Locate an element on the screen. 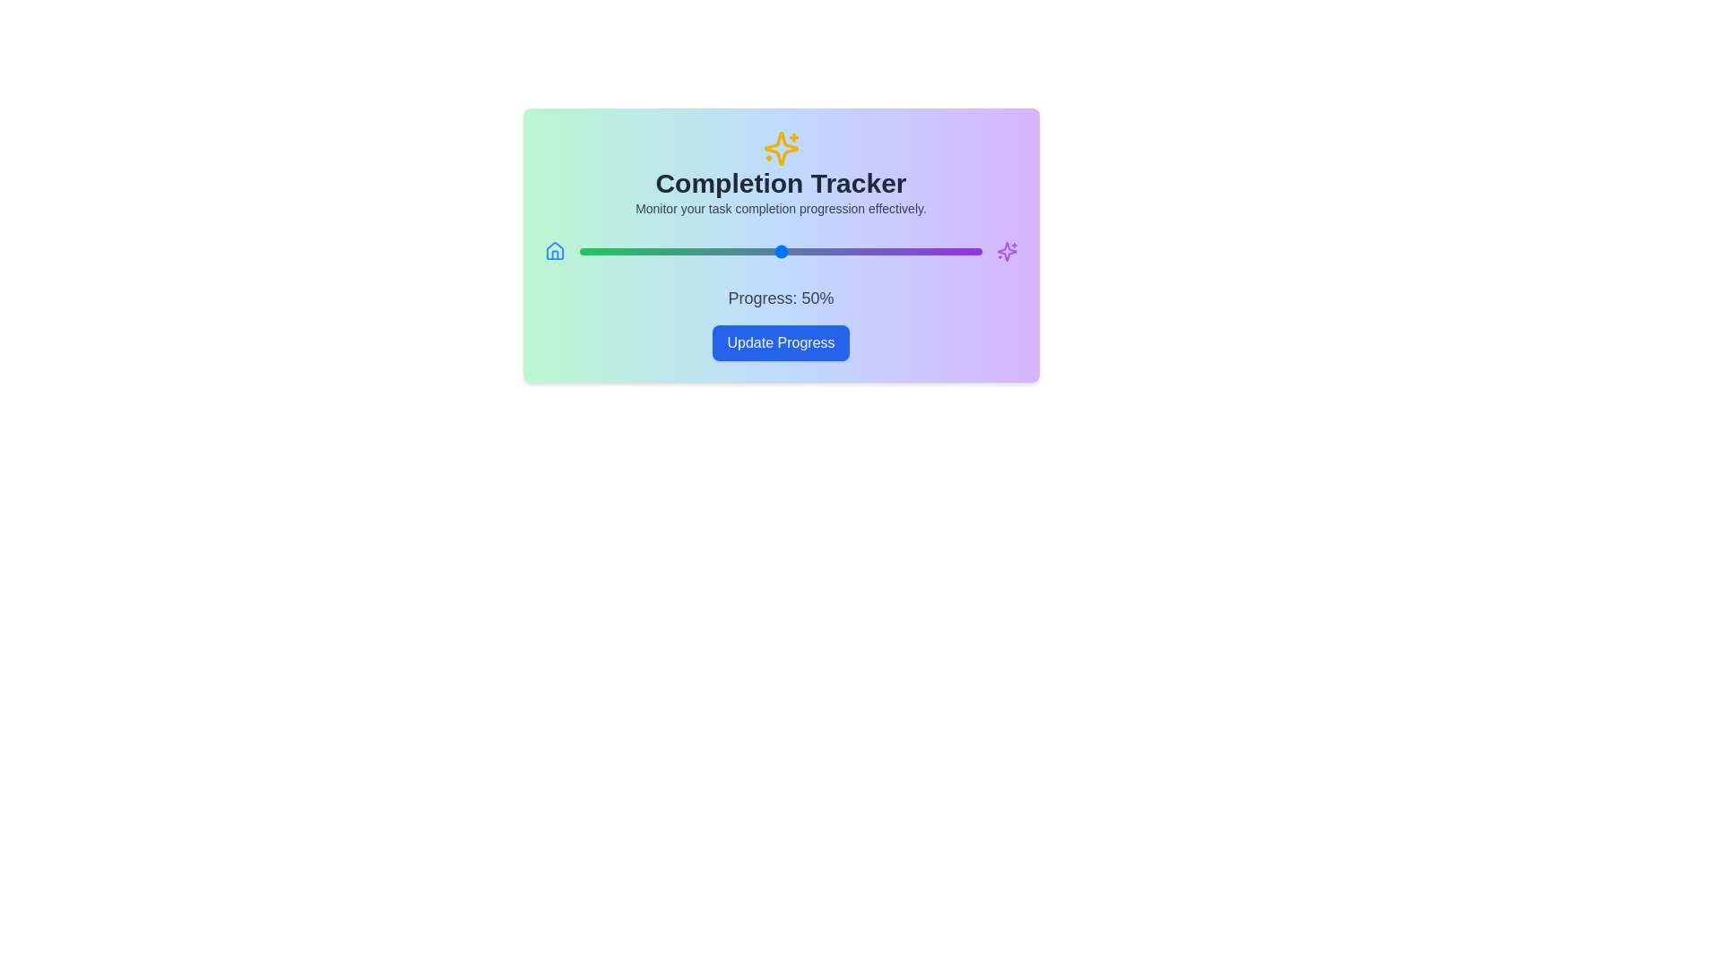 This screenshot has height=968, width=1721. the slider to set progress to 71% is located at coordinates (865, 252).